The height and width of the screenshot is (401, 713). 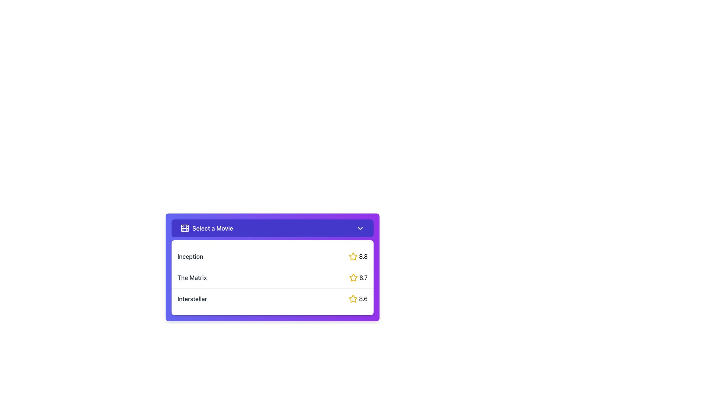 What do you see at coordinates (353, 278) in the screenshot?
I see `the bright yellow star-shaped icon associated with the rating '8.7', located in the middle row of the list items` at bounding box center [353, 278].